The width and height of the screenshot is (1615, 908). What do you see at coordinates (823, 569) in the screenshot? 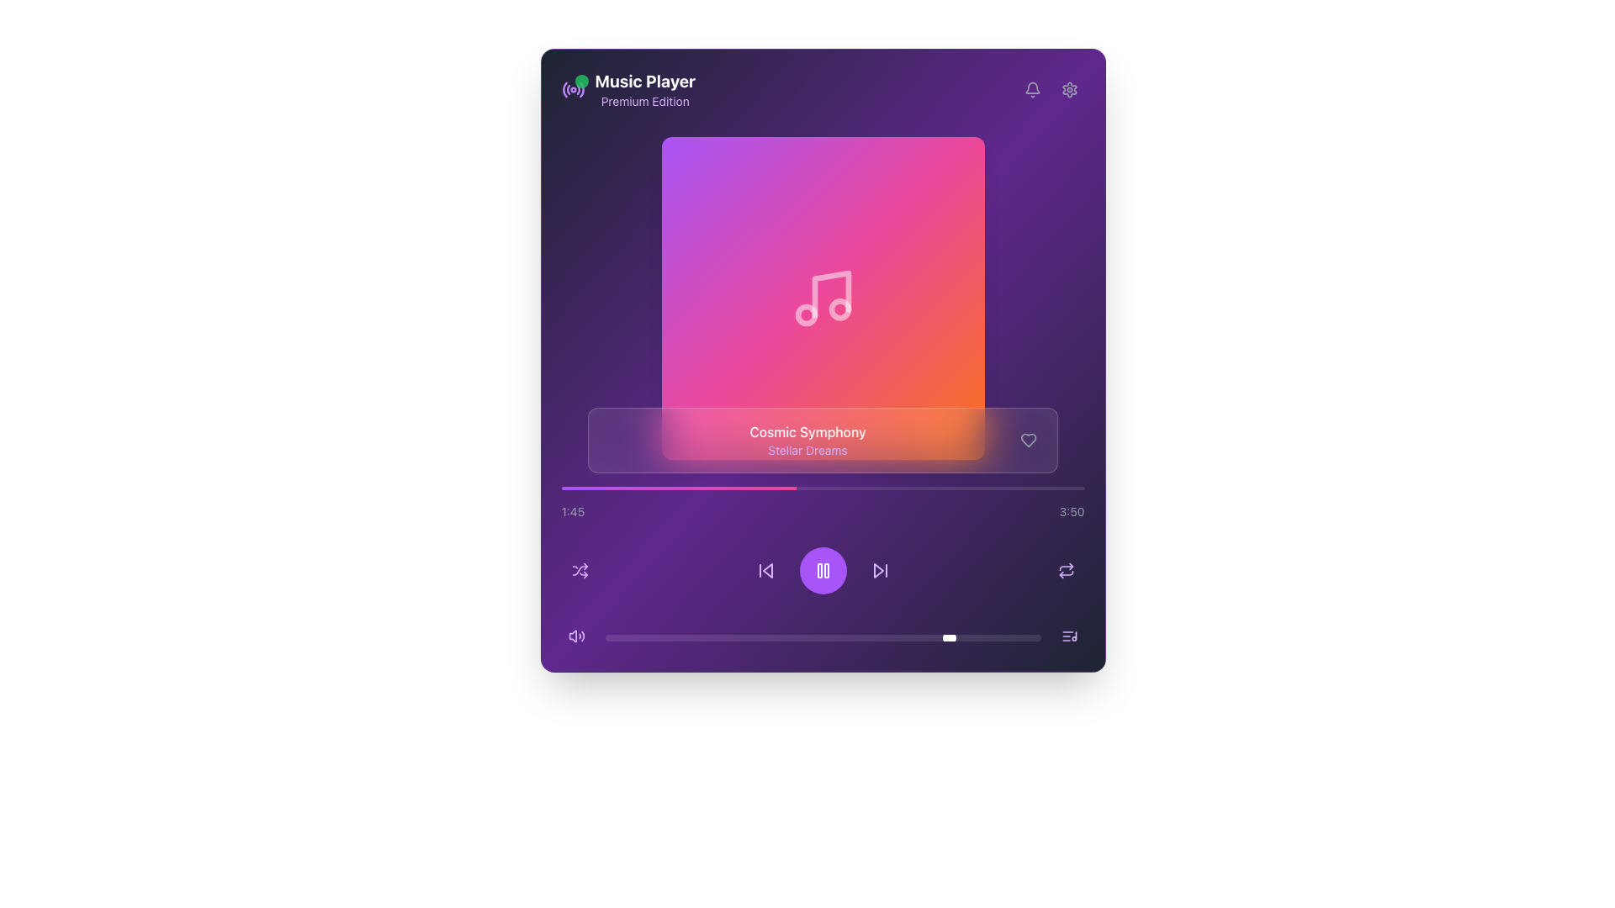
I see `any playback control button in the Button Group located at the bottom of the music player card interface` at bounding box center [823, 569].